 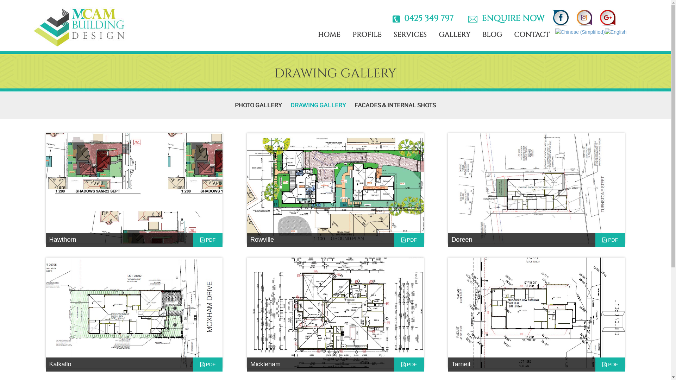 I want to click on 'DRAWING GALLERY', so click(x=290, y=105).